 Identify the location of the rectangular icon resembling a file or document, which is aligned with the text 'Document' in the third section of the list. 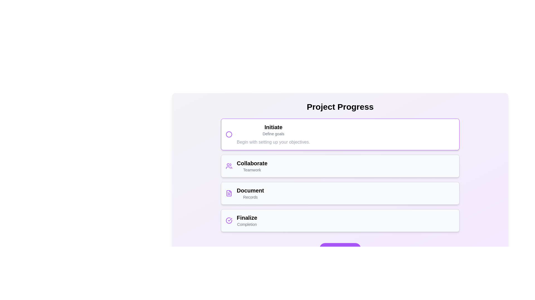
(229, 193).